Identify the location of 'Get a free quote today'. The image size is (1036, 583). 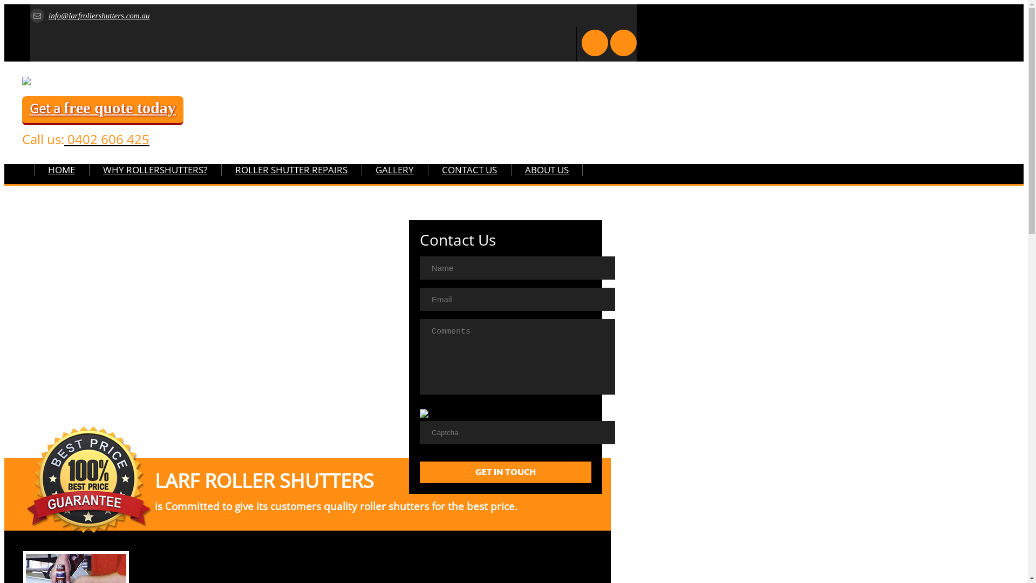
(103, 110).